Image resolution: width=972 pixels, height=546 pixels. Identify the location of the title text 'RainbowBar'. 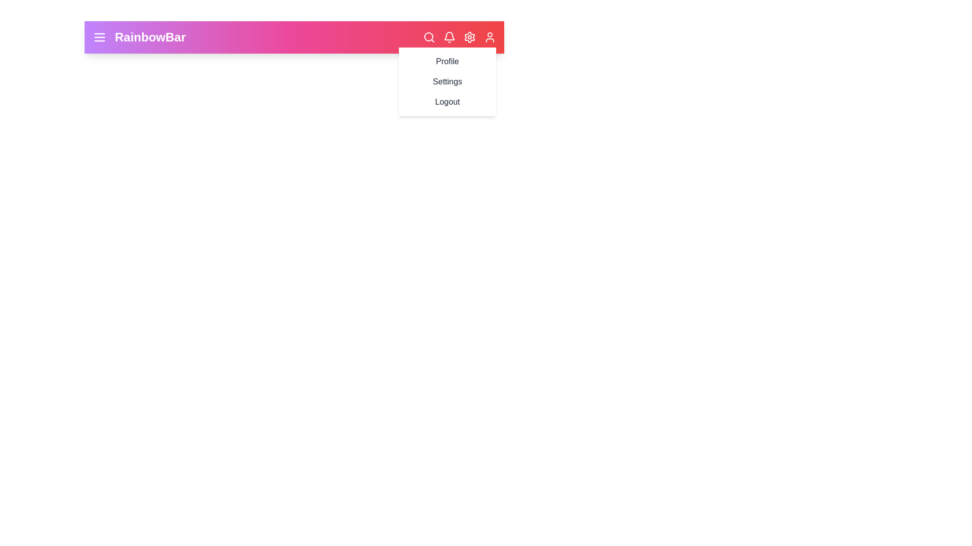
(150, 36).